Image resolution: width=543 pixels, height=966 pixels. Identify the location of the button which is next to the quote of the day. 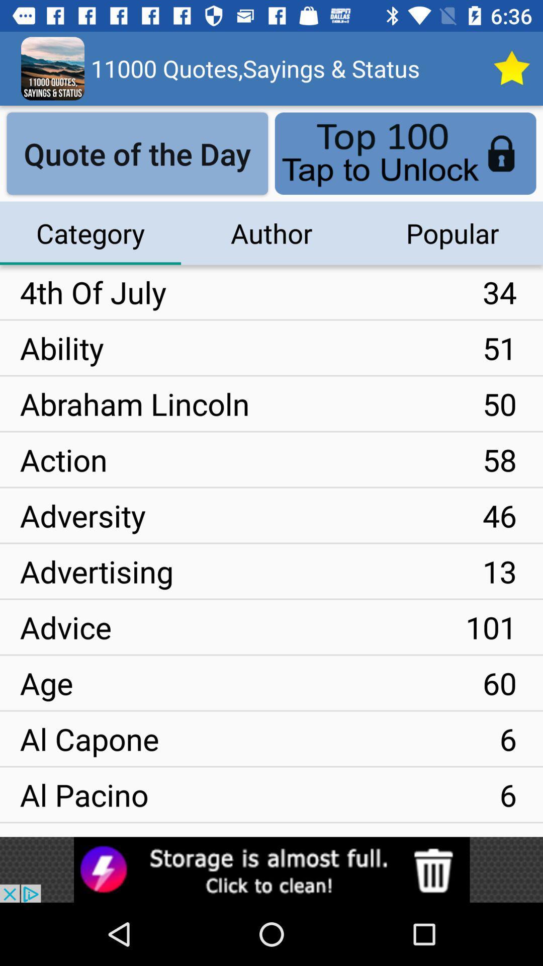
(405, 153).